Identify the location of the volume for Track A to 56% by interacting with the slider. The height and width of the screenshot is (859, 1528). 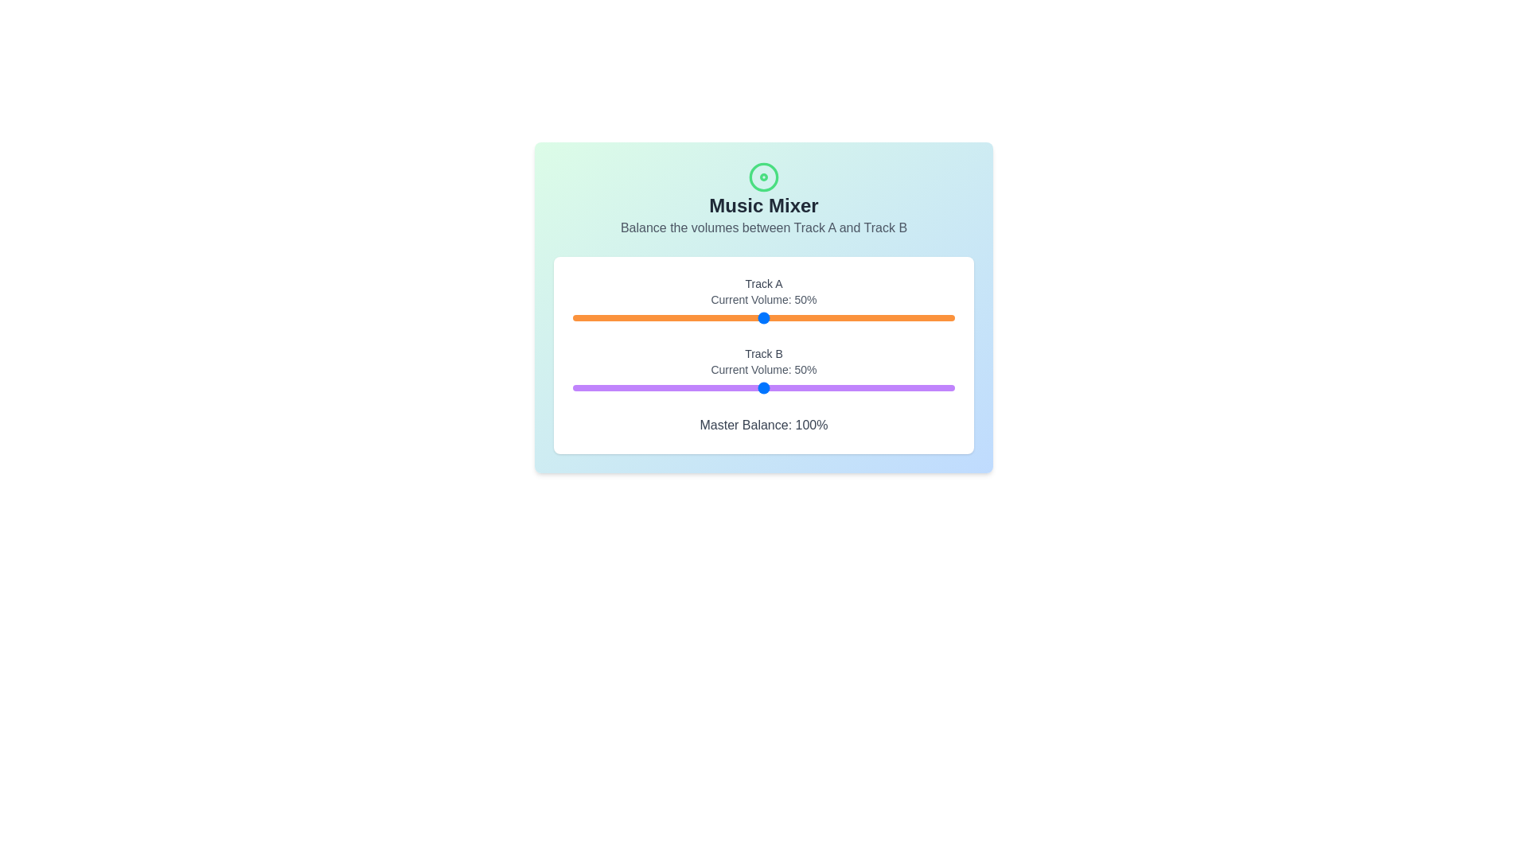
(786, 318).